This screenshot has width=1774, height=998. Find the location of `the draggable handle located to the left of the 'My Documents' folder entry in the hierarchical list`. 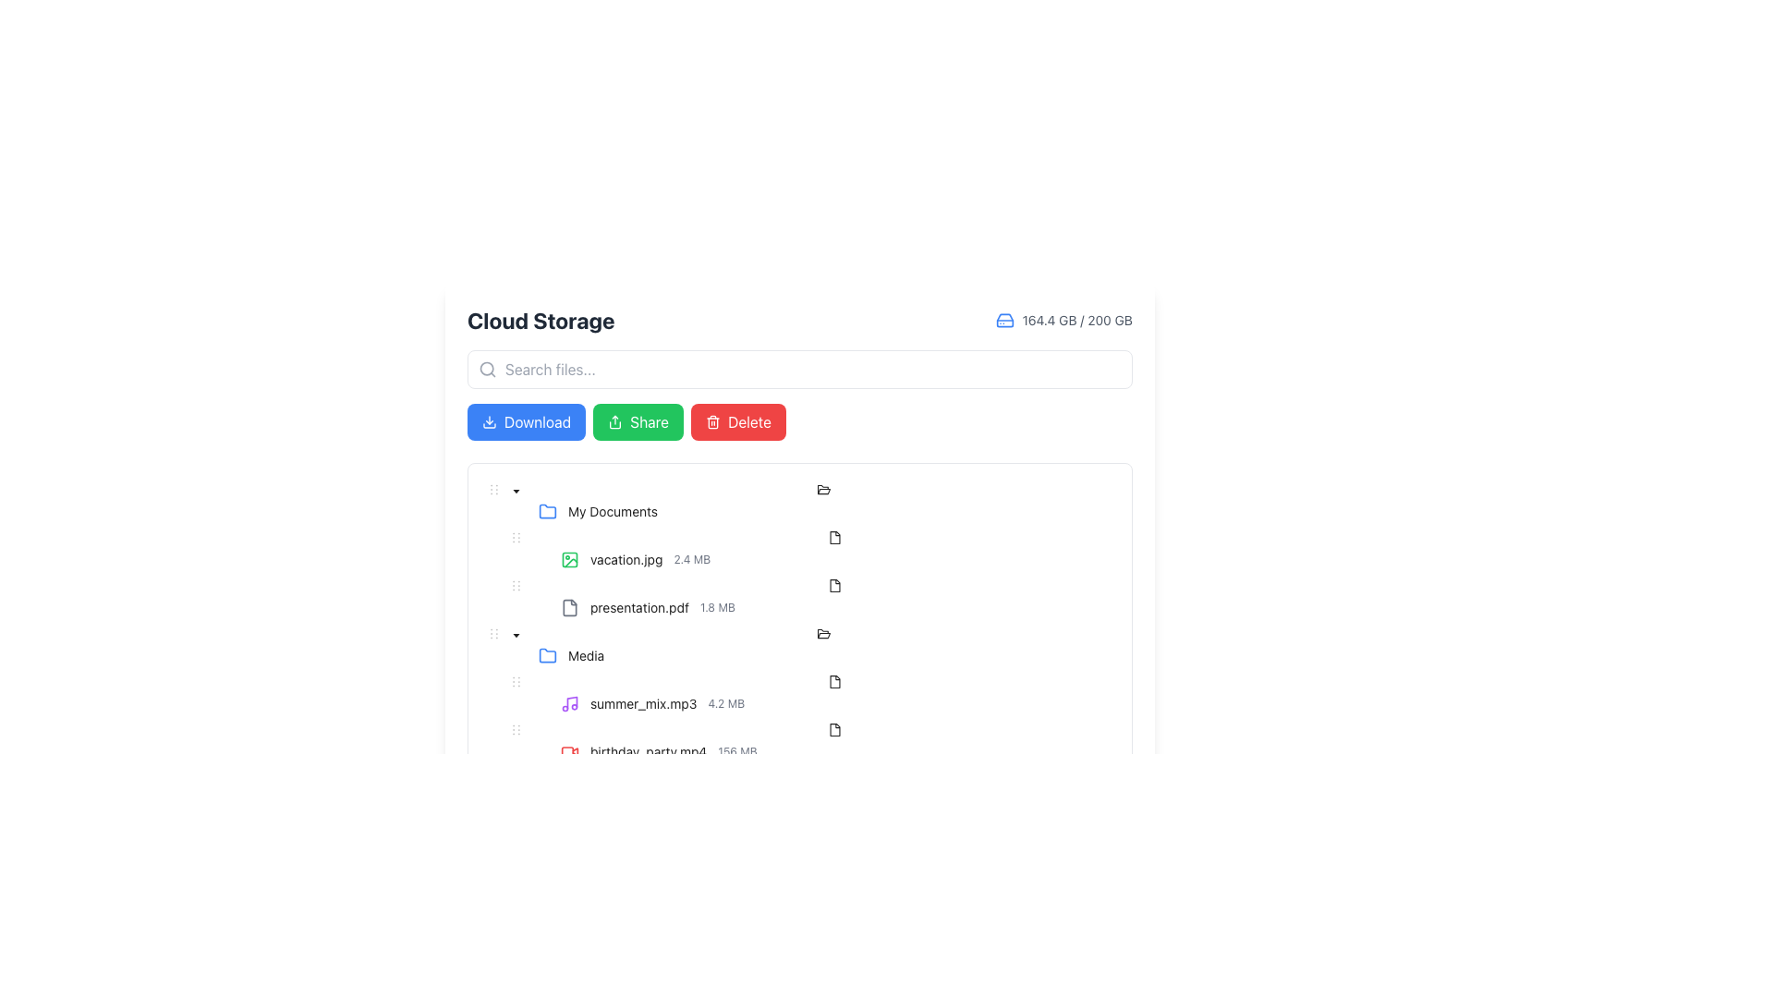

the draggable handle located to the left of the 'My Documents' folder entry in the hierarchical list is located at coordinates (493, 488).